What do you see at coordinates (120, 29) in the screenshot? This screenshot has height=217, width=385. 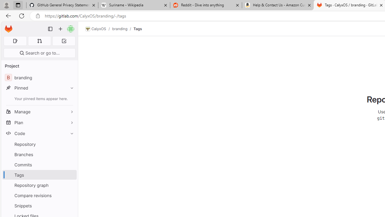 I see `'branding'` at bounding box center [120, 29].